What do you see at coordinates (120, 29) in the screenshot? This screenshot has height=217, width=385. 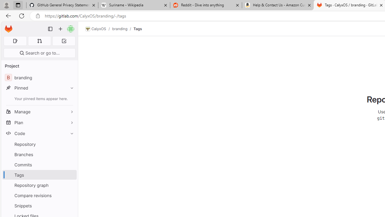 I see `'branding'` at bounding box center [120, 29].